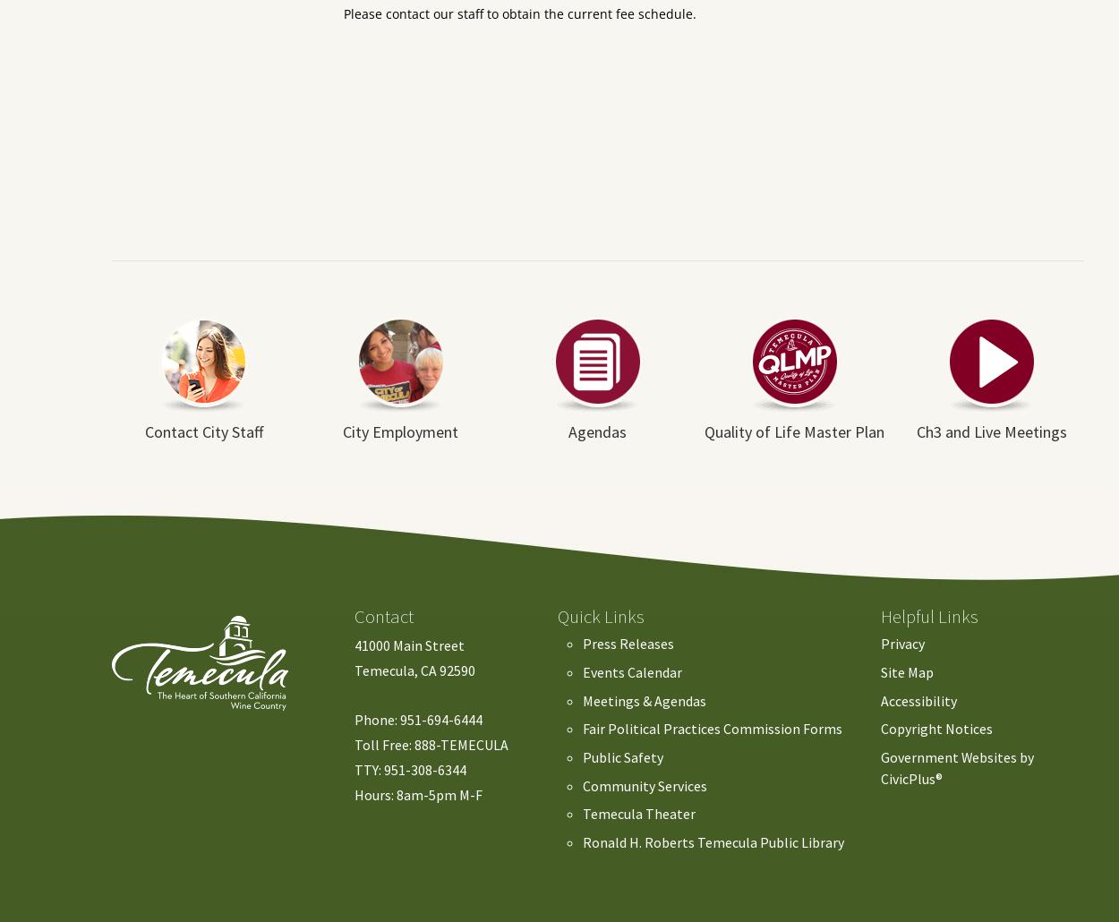 The height and width of the screenshot is (922, 1119). I want to click on 'Phone: 951-694-6444', so click(354, 719).